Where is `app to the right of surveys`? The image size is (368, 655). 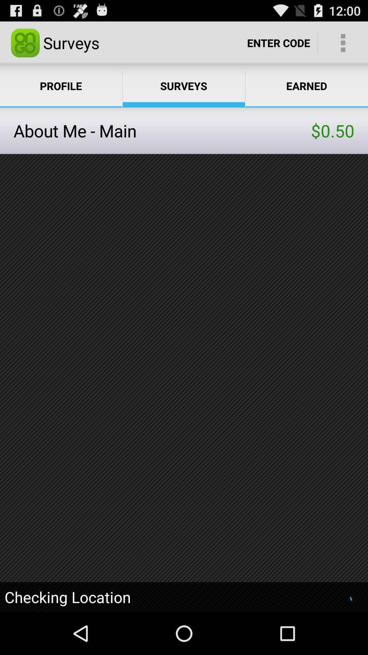
app to the right of surveys is located at coordinates (278, 42).